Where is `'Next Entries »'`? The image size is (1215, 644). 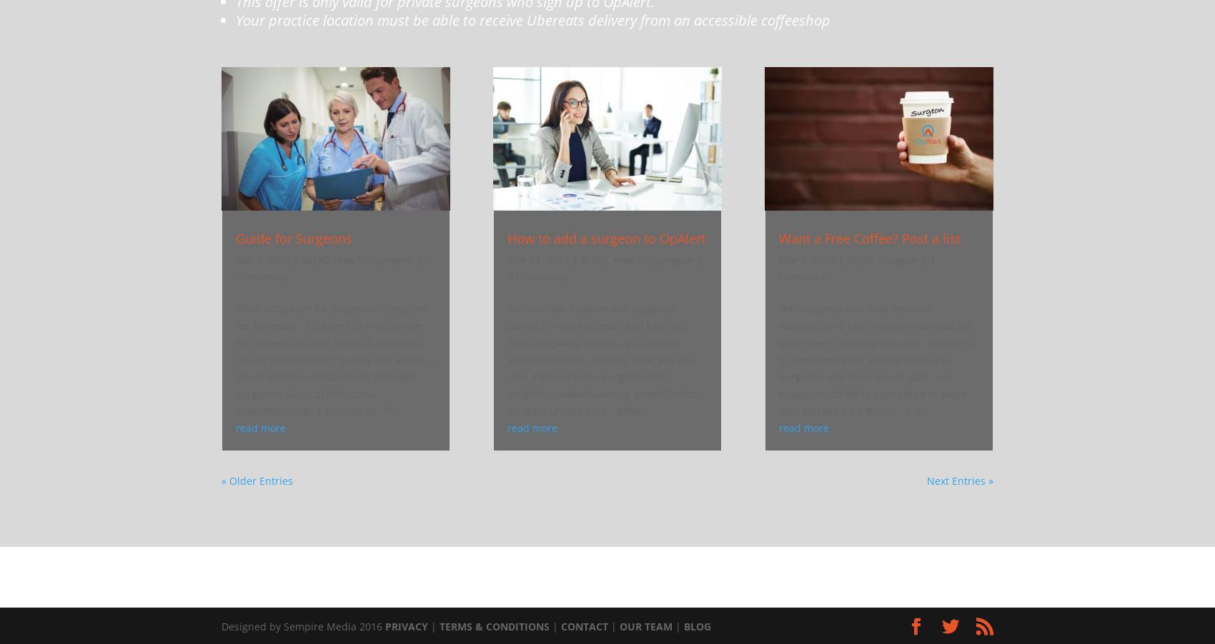 'Next Entries »' is located at coordinates (960, 479).